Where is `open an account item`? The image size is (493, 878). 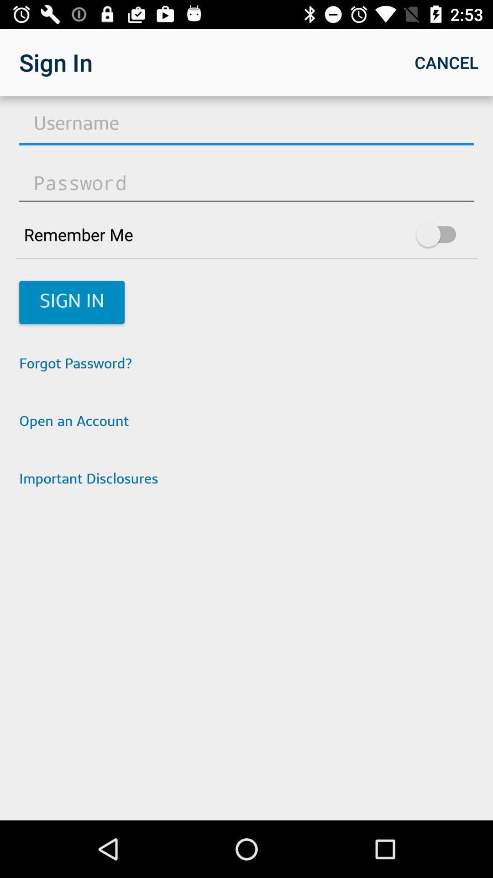 open an account item is located at coordinates (246, 422).